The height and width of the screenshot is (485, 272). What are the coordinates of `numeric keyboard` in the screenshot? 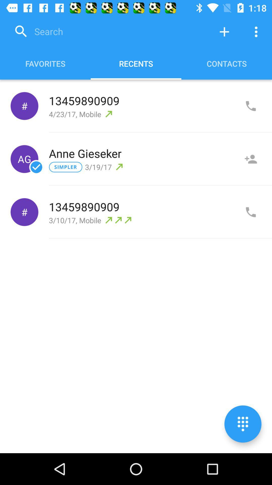 It's located at (243, 424).